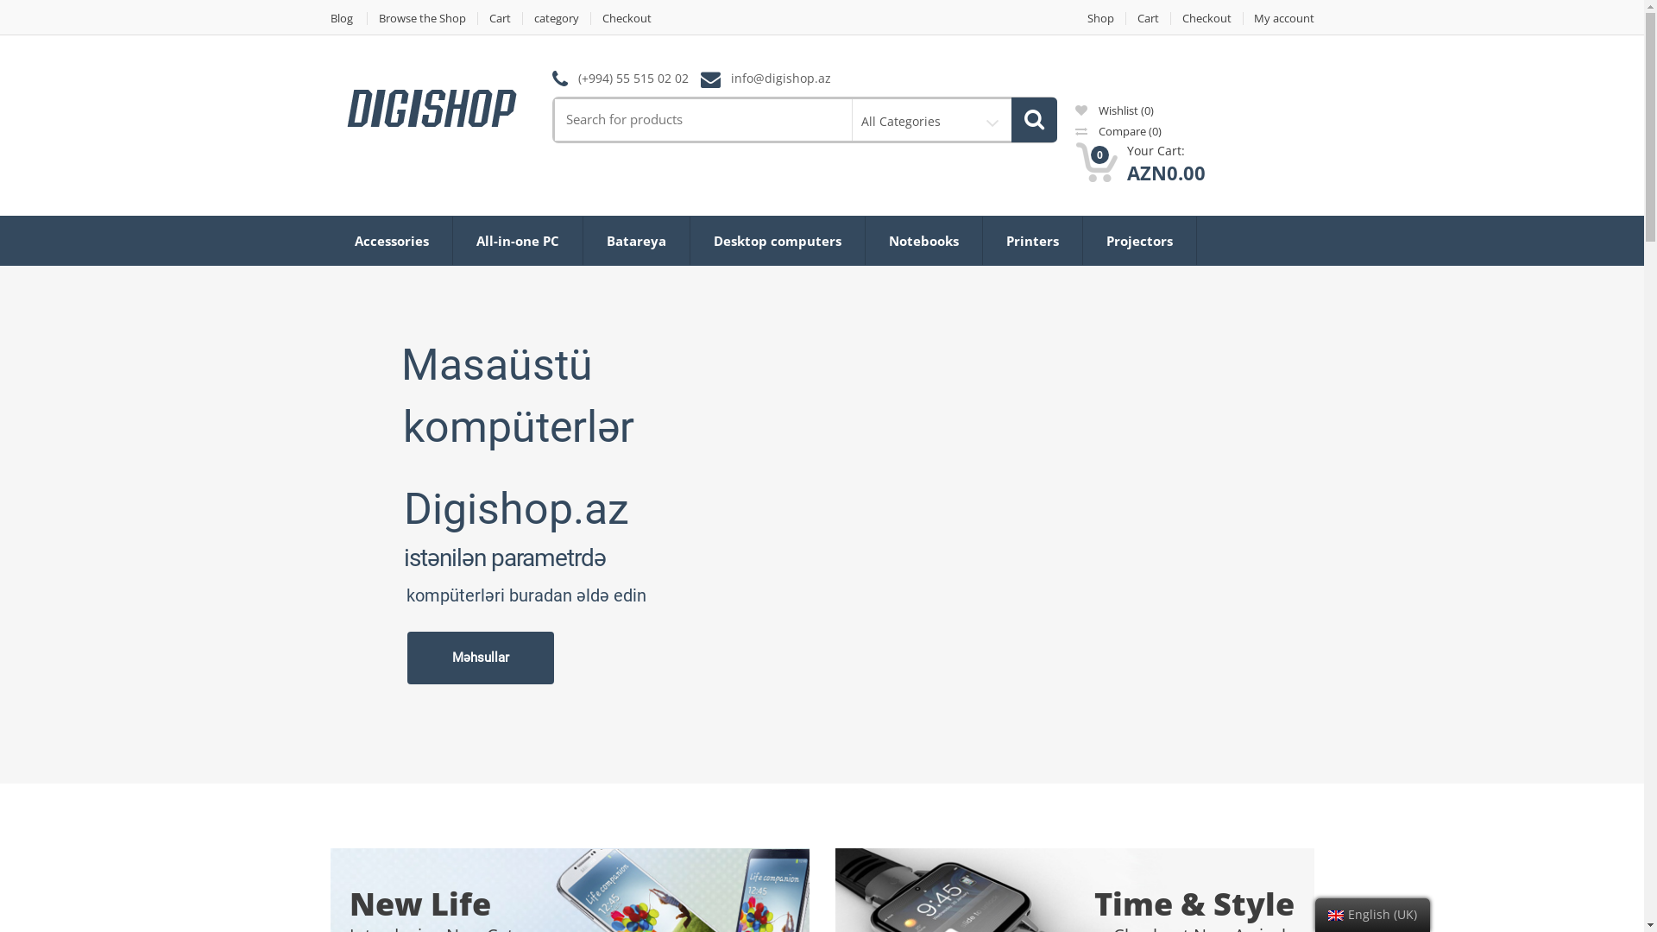 This screenshot has width=1657, height=932. Describe the element at coordinates (516, 240) in the screenshot. I see `'All-in-one PC'` at that location.